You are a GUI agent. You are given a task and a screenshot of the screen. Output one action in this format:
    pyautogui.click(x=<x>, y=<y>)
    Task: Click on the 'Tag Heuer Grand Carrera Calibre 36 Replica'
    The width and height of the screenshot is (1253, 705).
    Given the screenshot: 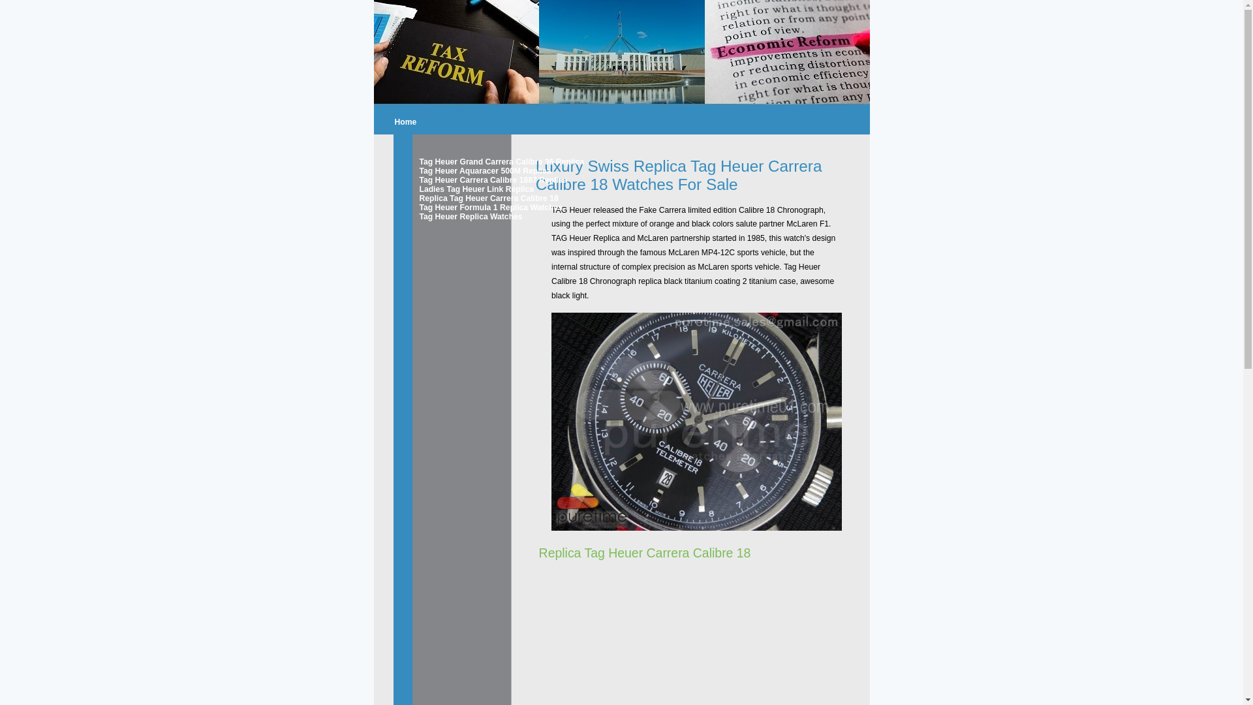 What is the action you would take?
    pyautogui.click(x=419, y=161)
    